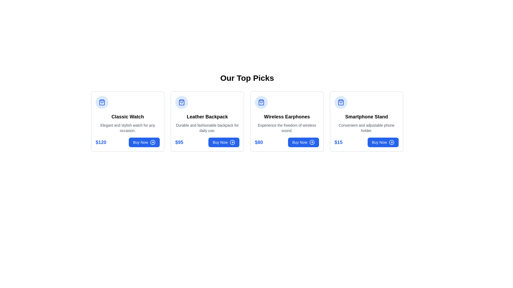  What do you see at coordinates (341, 102) in the screenshot?
I see `the circular blue background with a shopping bag icon located at the top of the 'Smartphone Stand' card, centered horizontally` at bounding box center [341, 102].